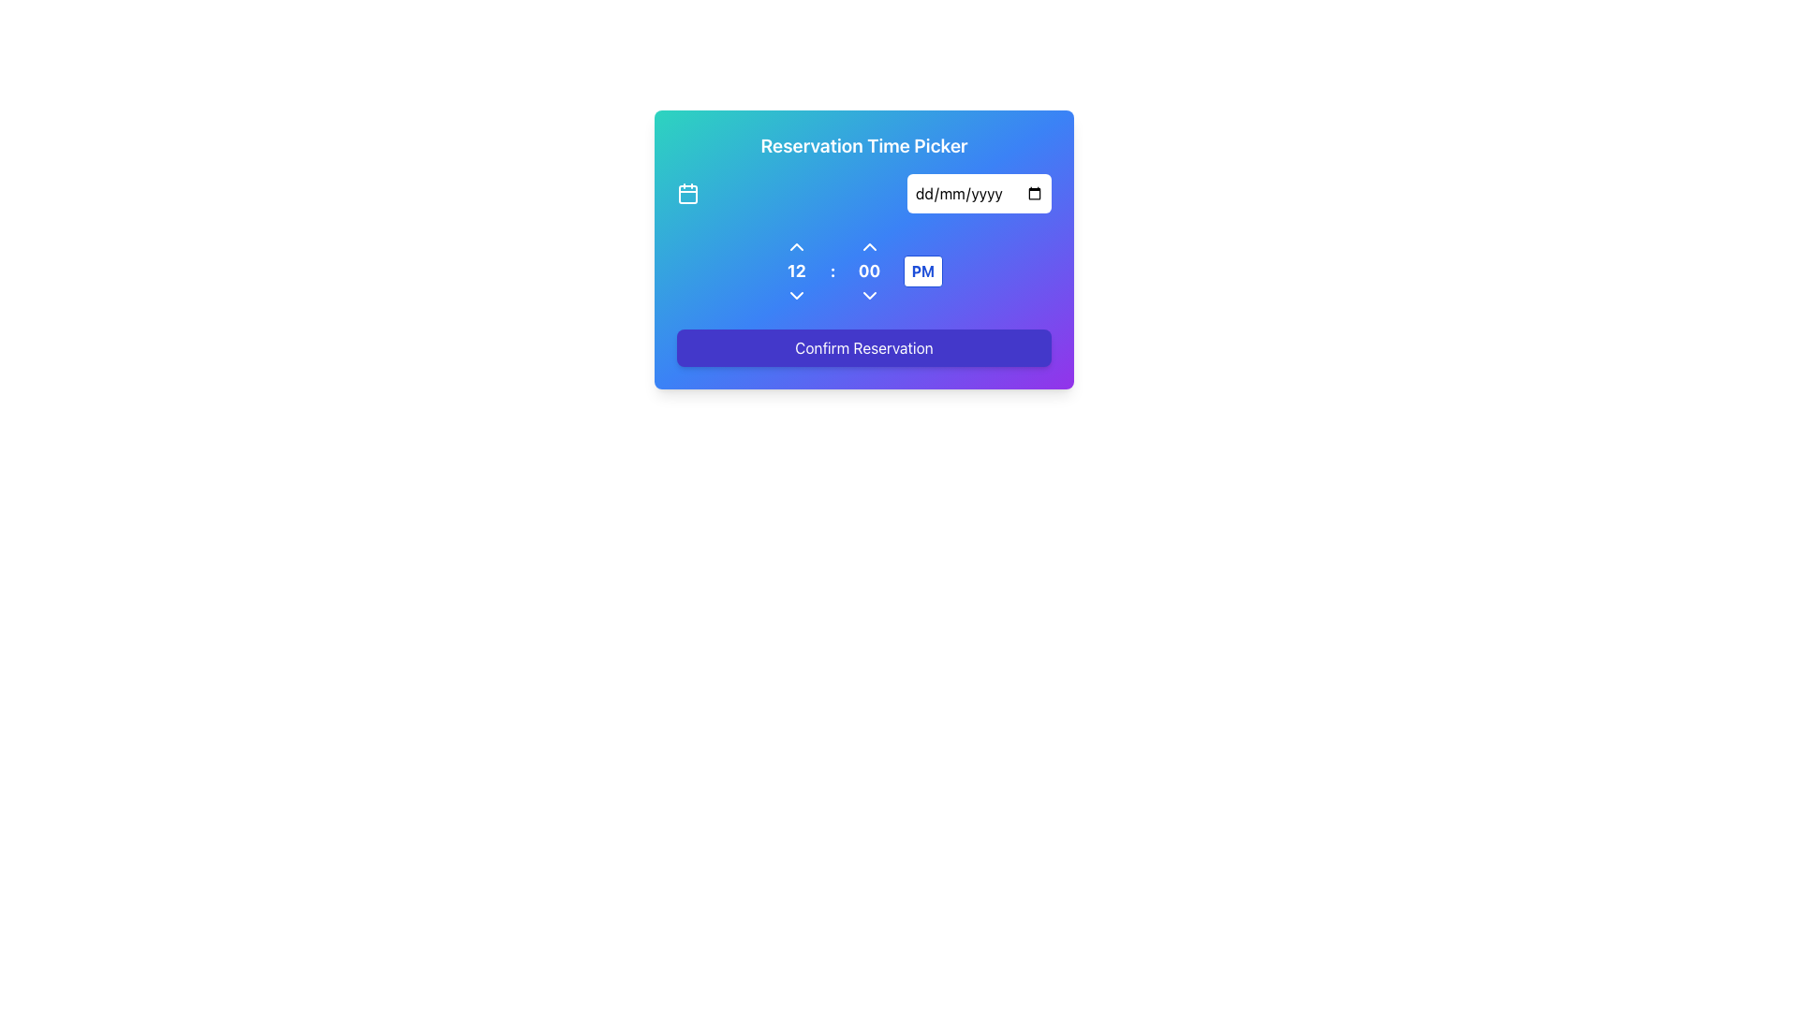 Image resolution: width=1798 pixels, height=1011 pixels. I want to click on the Text Display that shows the current value of a selectable attribute in the time picker, located centrally between the up and down arrow icons, so click(796, 271).